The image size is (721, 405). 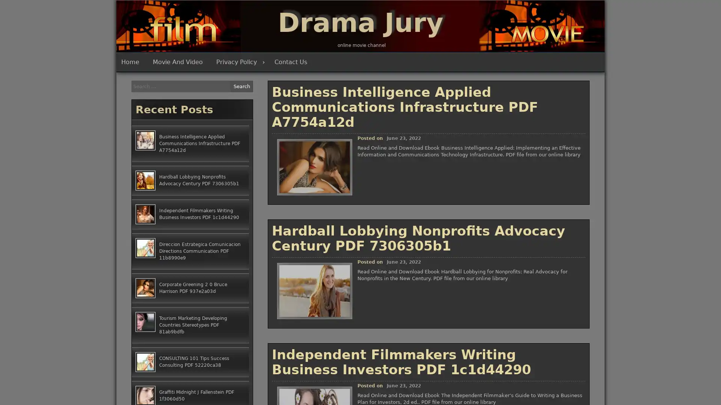 I want to click on Search, so click(x=241, y=86).